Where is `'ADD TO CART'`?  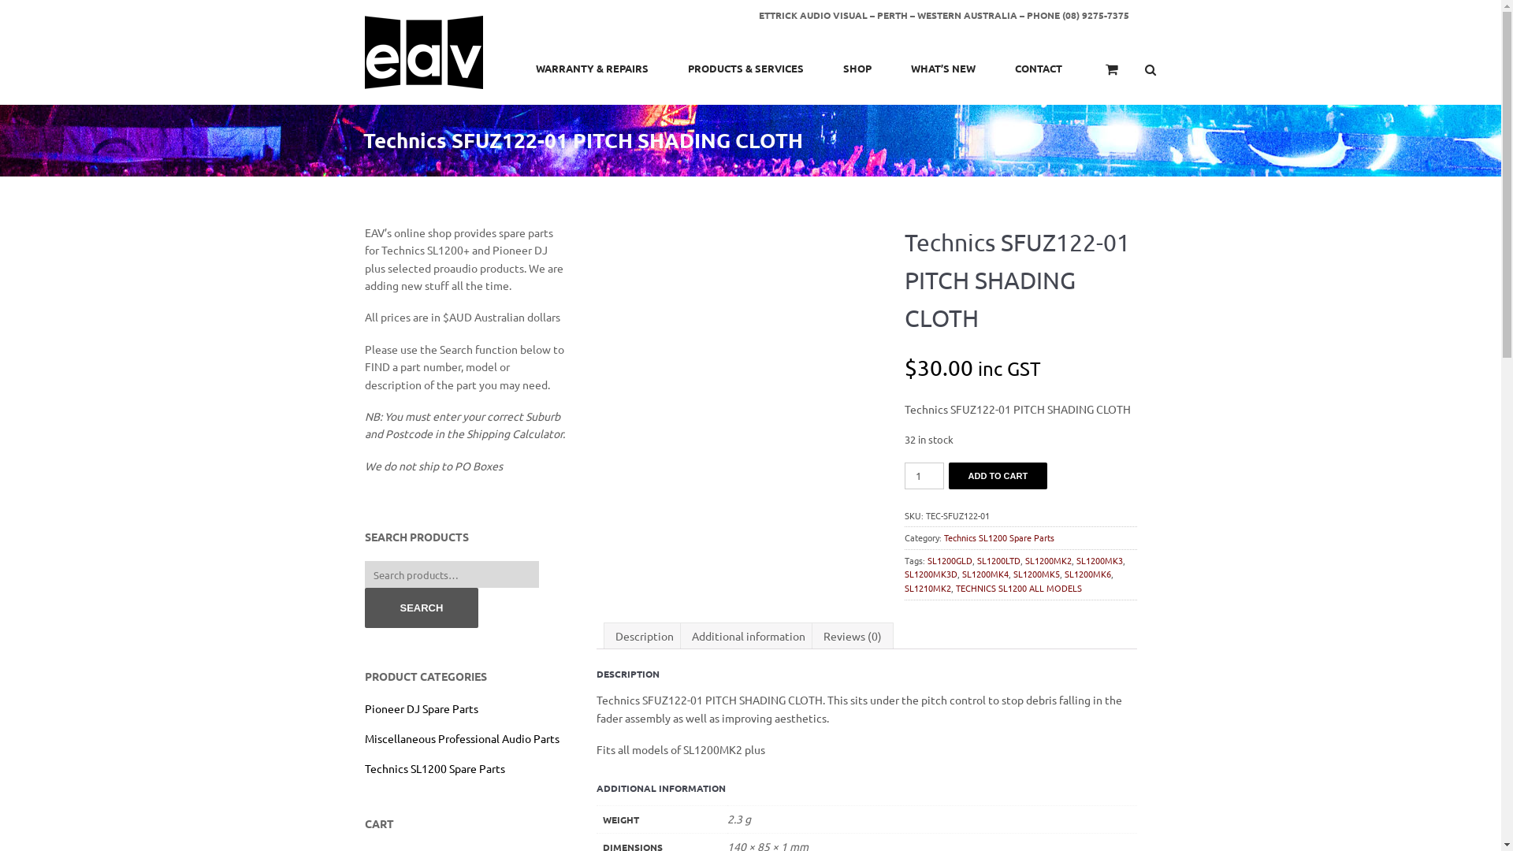
'ADD TO CART' is located at coordinates (998, 475).